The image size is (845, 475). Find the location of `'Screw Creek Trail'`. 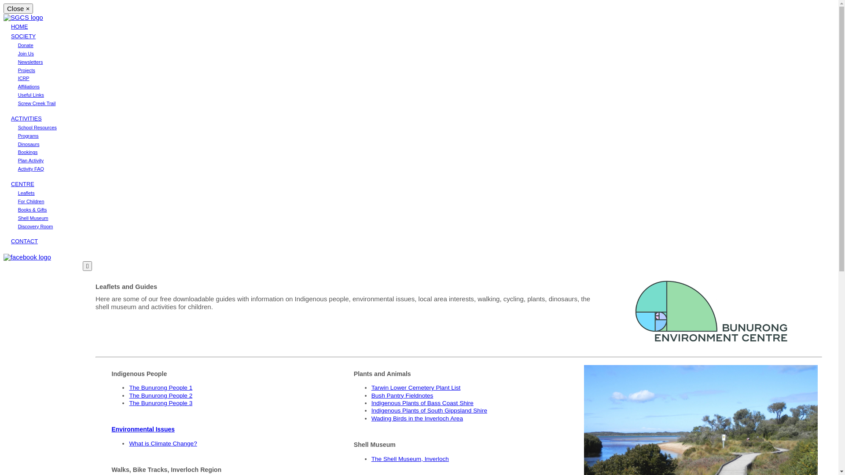

'Screw Creek Trail' is located at coordinates (36, 103).